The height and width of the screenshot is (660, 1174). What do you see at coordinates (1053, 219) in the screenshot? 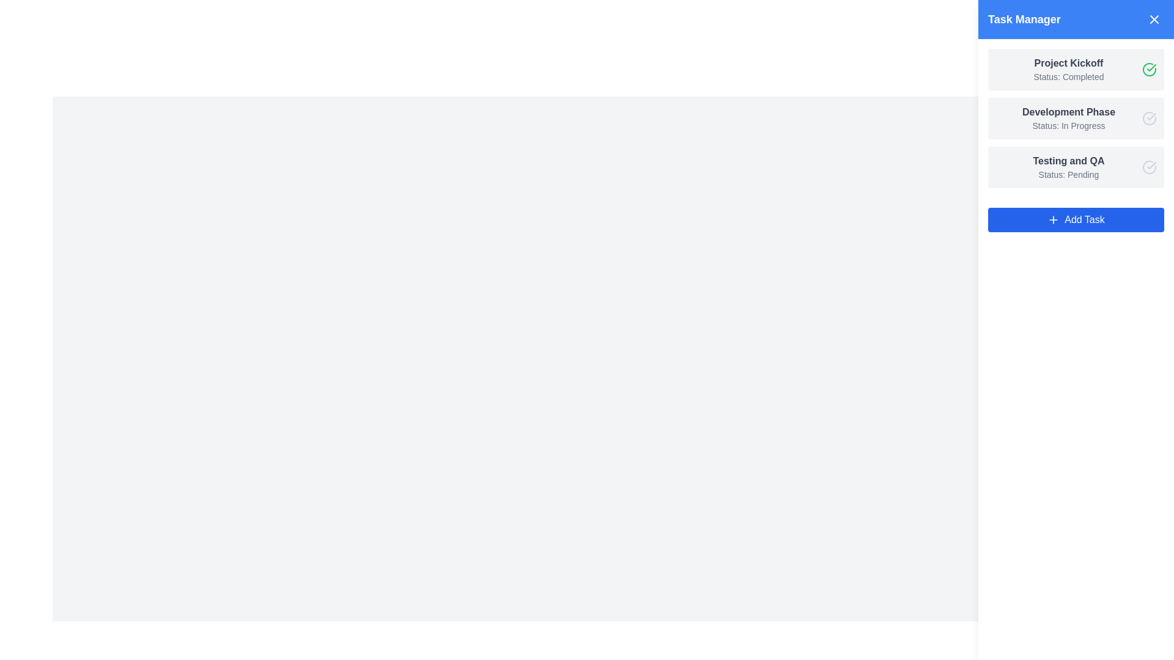
I see `the blue '+' SVG graphic icon within the 'Add Task' button` at bounding box center [1053, 219].